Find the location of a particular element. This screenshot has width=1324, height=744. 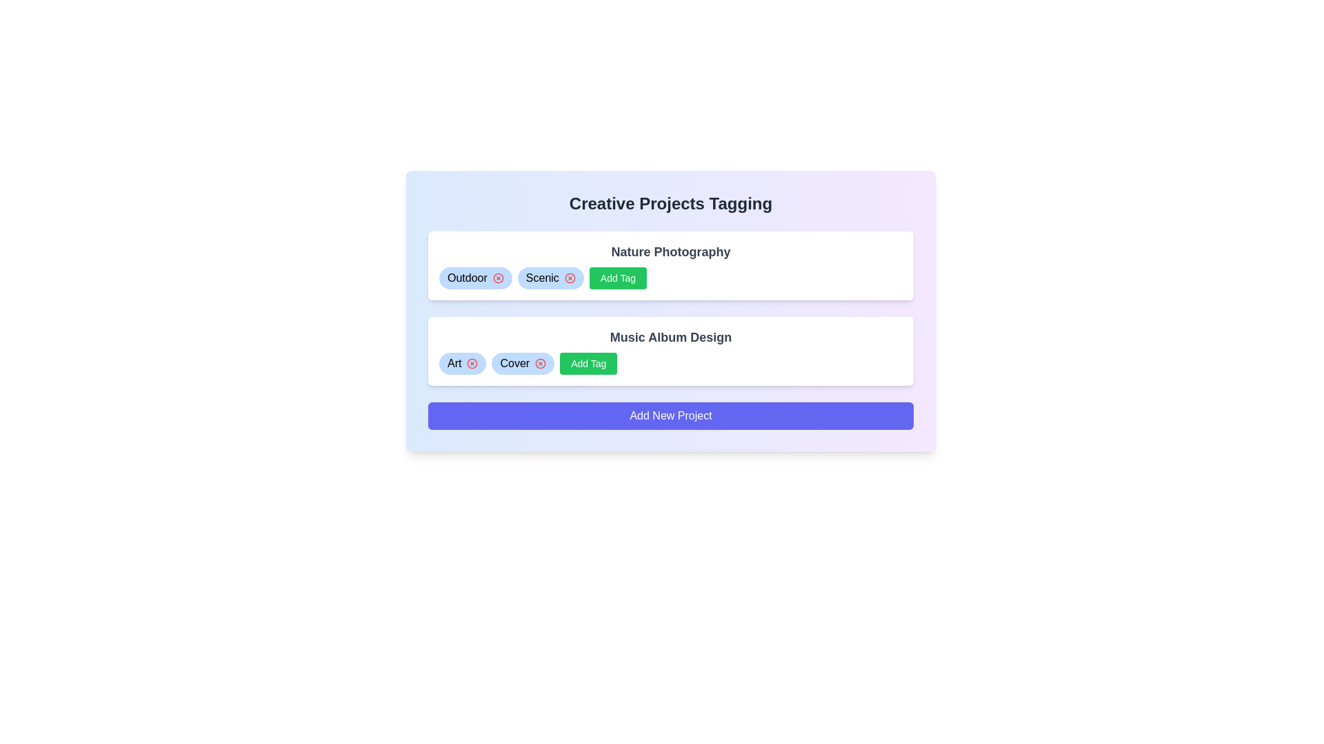

the small red circular close button with an 'X' symbol located to the right of the 'Outdoor' label is located at coordinates (497, 278).